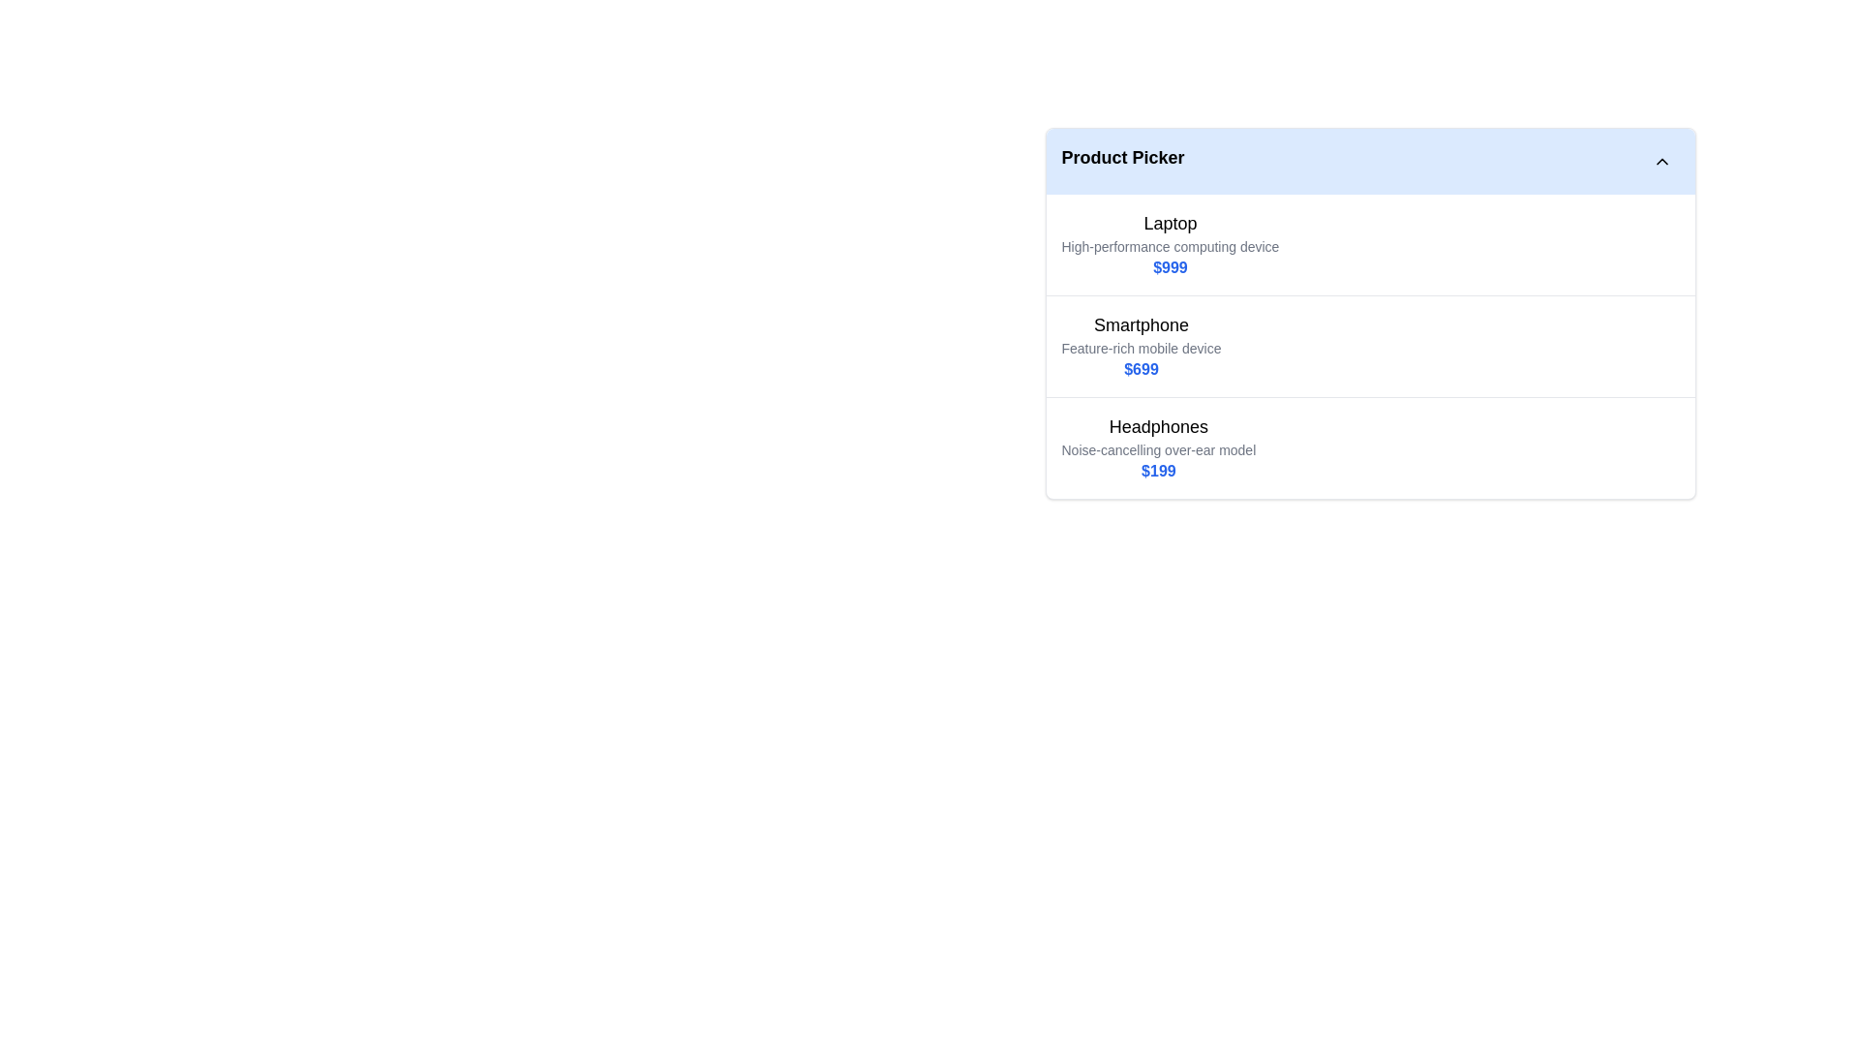 The image size is (1859, 1046). I want to click on the descriptive text label that provides additional details about the 'Headphones' product, located between the title 'Headphones' and the price '$199', so click(1158, 450).